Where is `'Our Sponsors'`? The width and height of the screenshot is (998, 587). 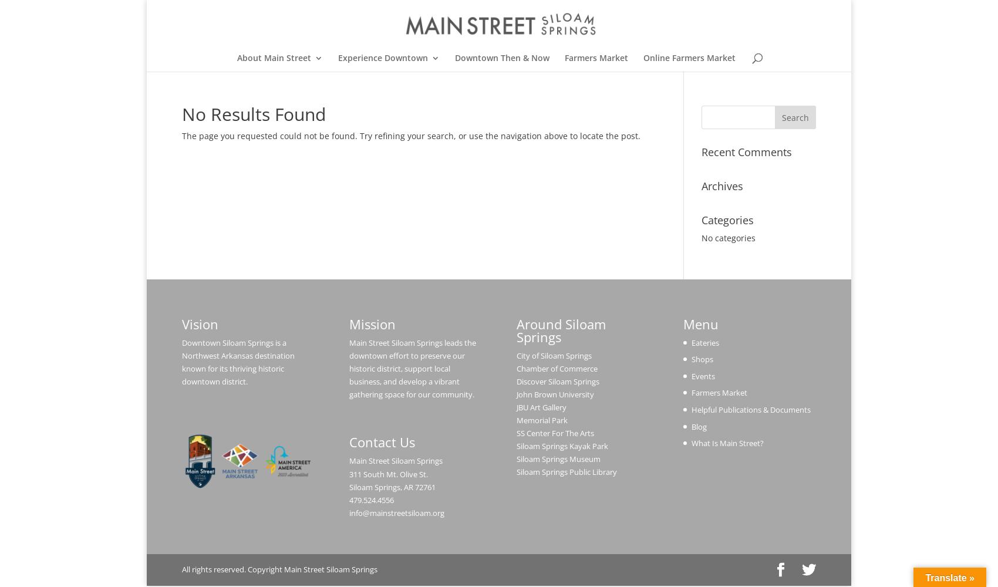 'Our Sponsors' is located at coordinates (287, 119).